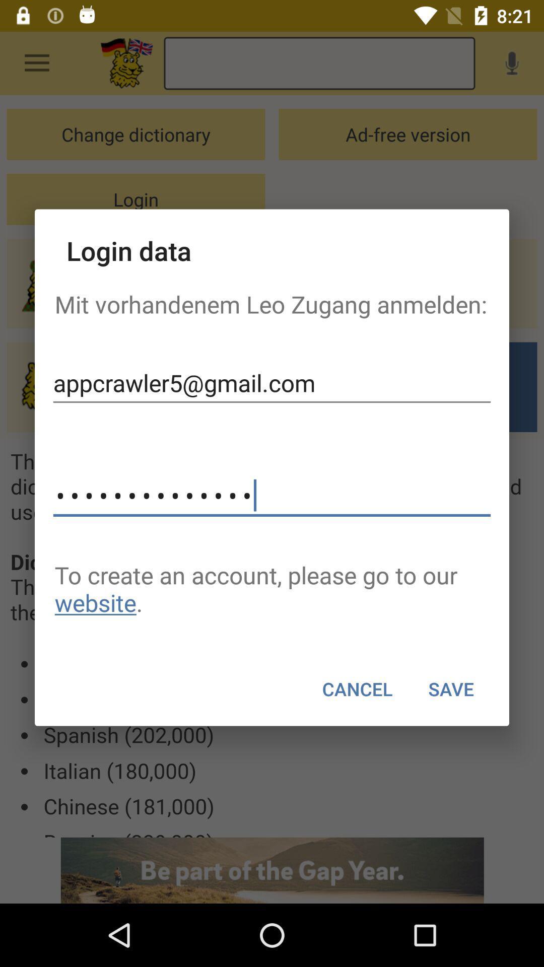 The image size is (544, 967). Describe the element at coordinates (450, 688) in the screenshot. I see `save item` at that location.